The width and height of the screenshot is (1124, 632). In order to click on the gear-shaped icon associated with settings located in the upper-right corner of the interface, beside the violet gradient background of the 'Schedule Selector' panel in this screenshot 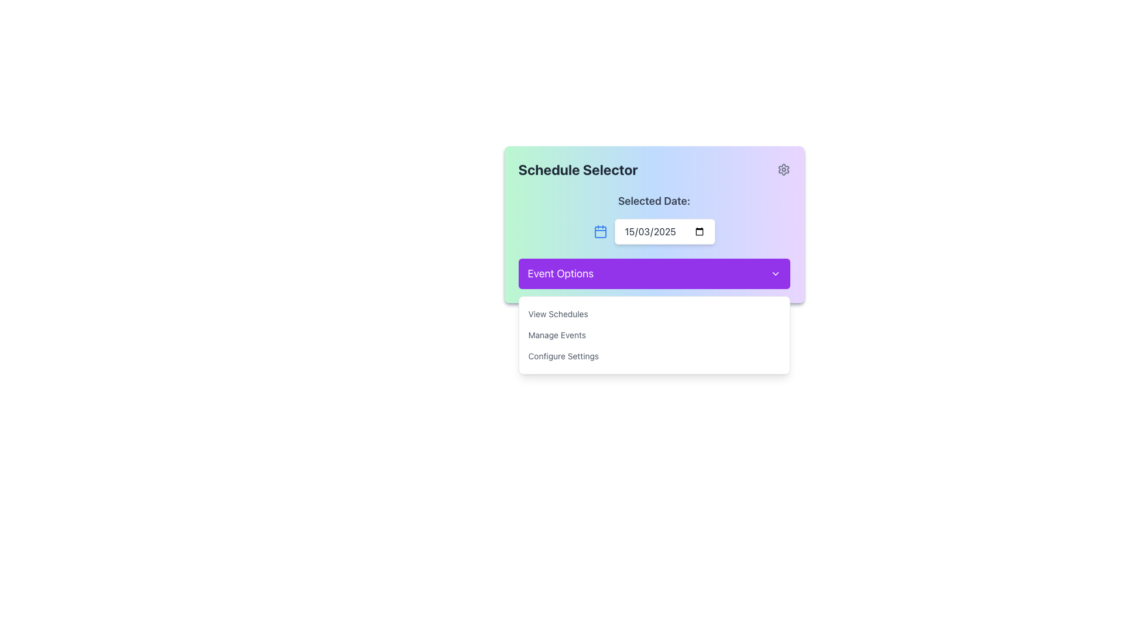, I will do `click(783, 169)`.